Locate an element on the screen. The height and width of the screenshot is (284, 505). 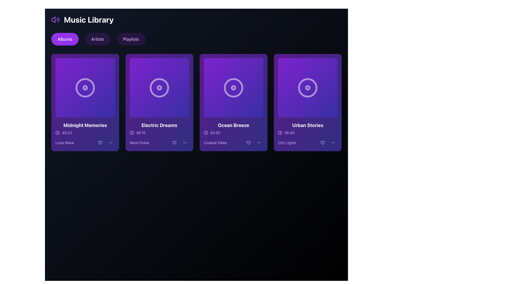
the text label that displays the name 'City Lights', located at the bottom-right corner of the 'Urban Stories' card, beneath the duration indicator is located at coordinates (287, 143).